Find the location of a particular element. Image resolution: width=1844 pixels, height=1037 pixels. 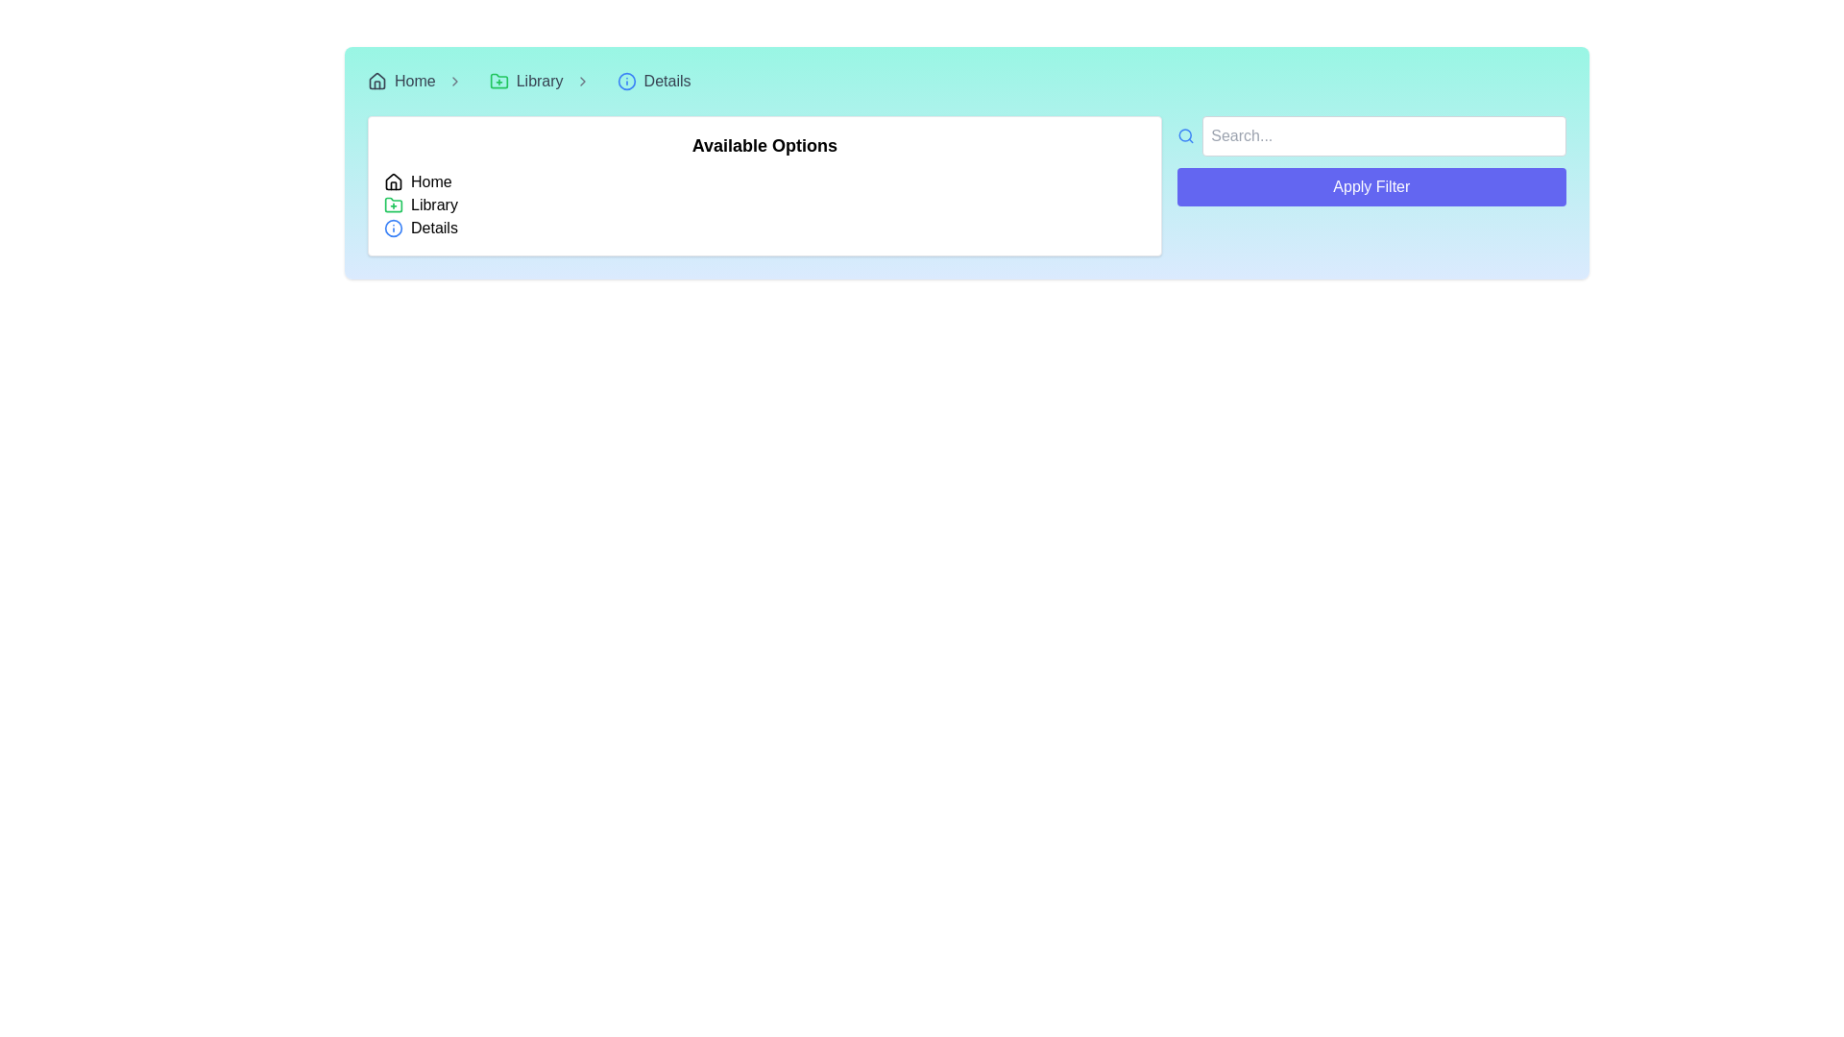

the House icon located on the left side of the breadcrumb navigation bar, next to the 'Home' text is located at coordinates (377, 80).